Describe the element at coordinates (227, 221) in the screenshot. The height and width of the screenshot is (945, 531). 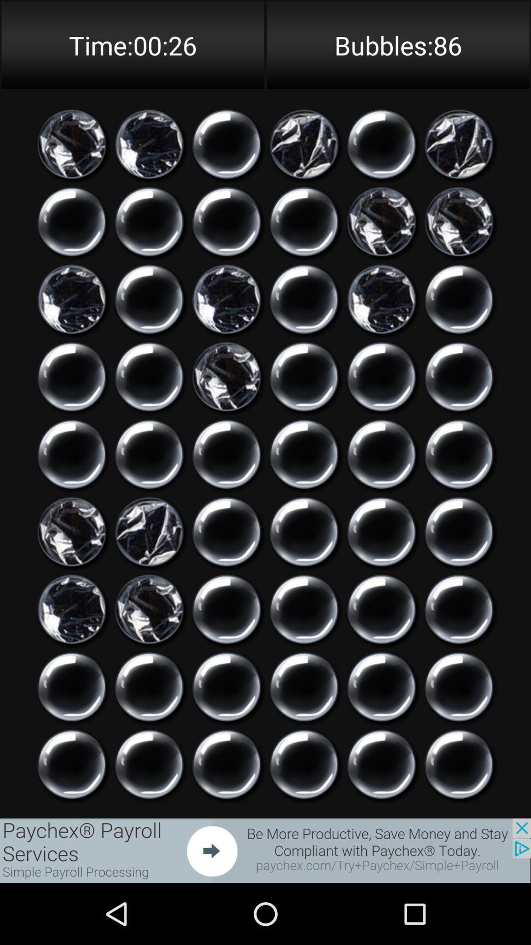
I see `click bubble` at that location.